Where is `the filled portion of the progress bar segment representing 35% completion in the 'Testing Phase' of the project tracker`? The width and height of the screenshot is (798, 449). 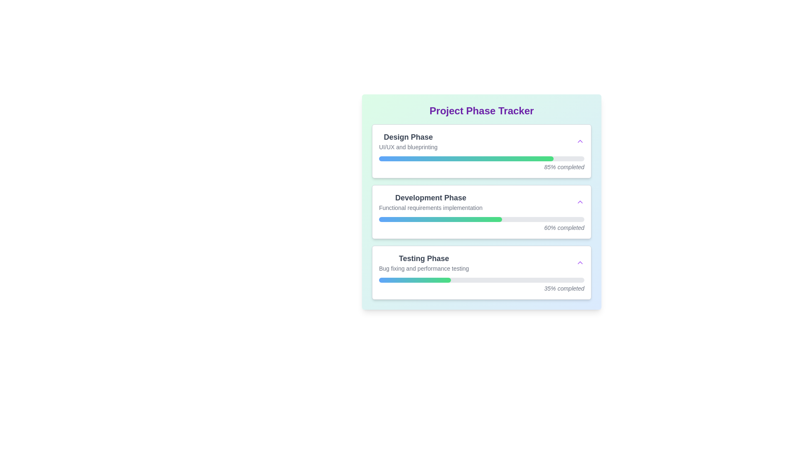
the filled portion of the progress bar segment representing 35% completion in the 'Testing Phase' of the project tracker is located at coordinates (415, 280).